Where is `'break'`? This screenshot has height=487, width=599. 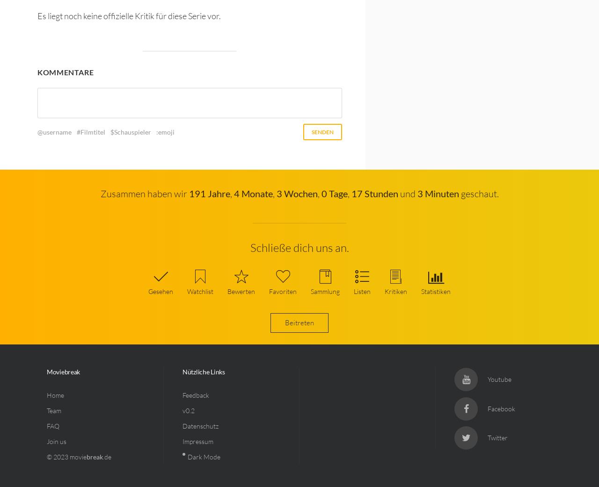 'break' is located at coordinates (95, 457).